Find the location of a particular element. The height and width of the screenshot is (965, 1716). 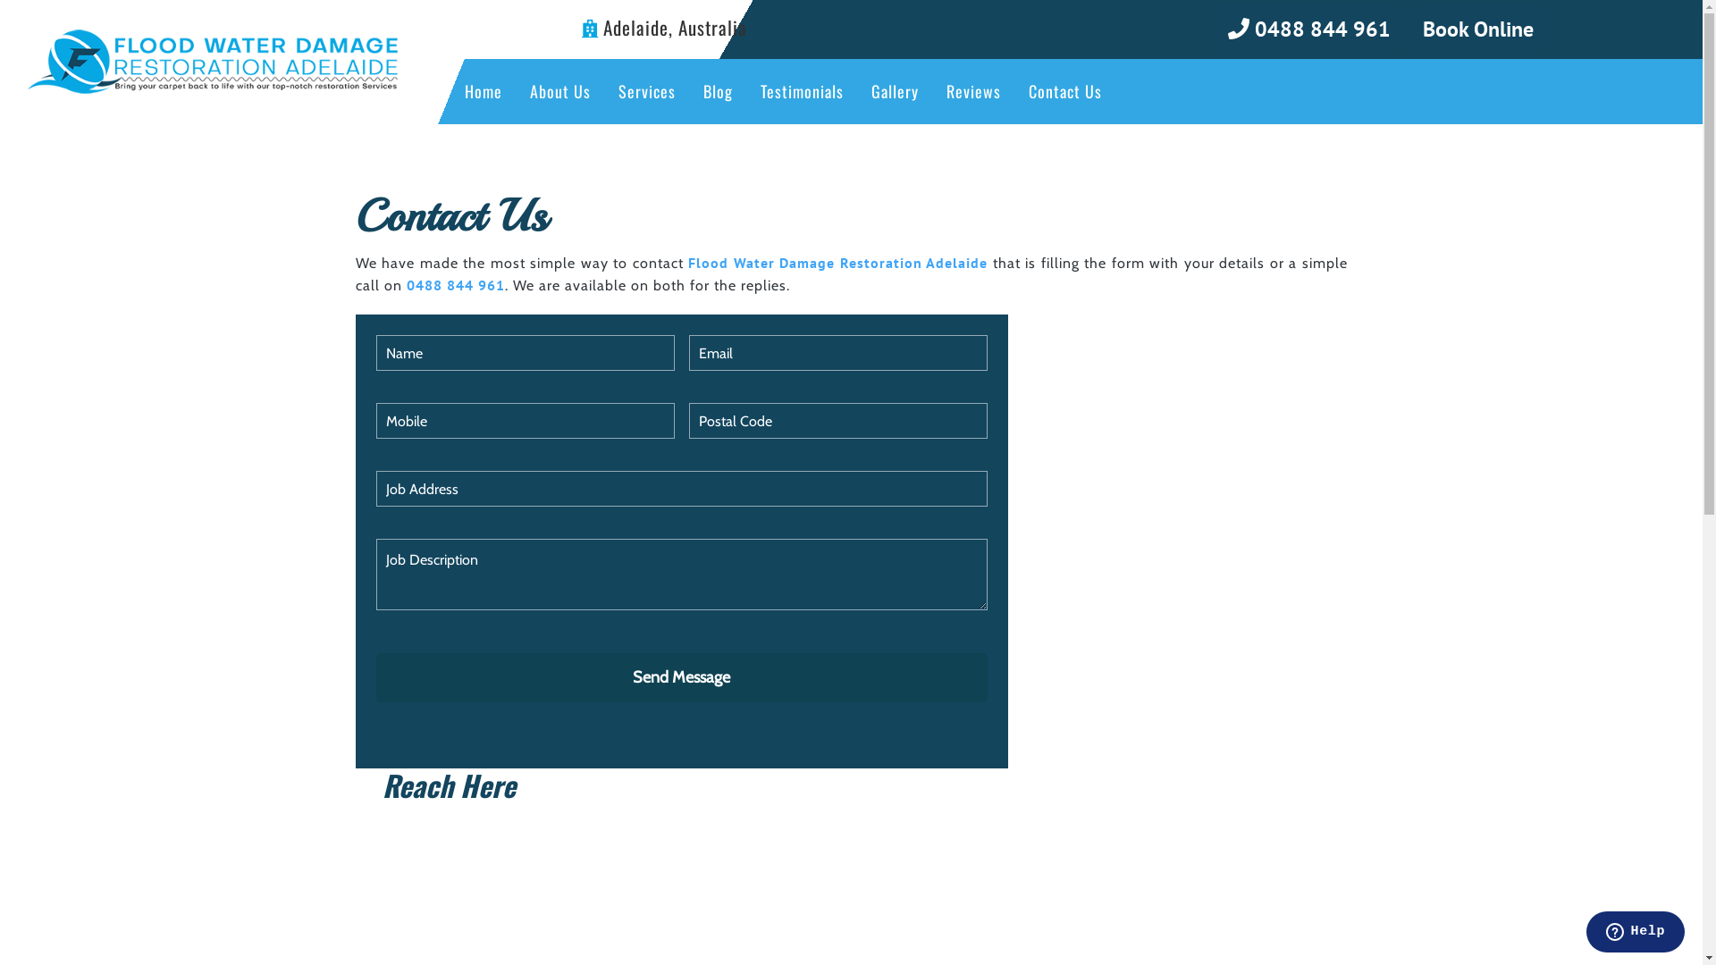

'Gallery' is located at coordinates (895, 91).